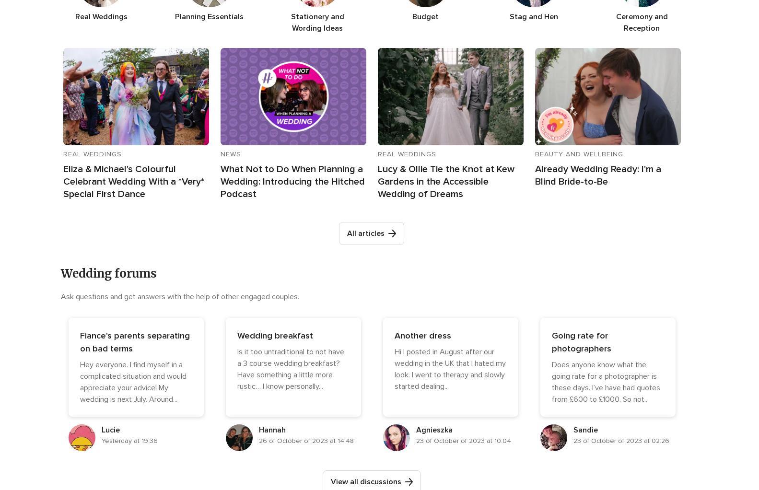  Describe the element at coordinates (551, 341) in the screenshot. I see `'Going rate for photographers'` at that location.